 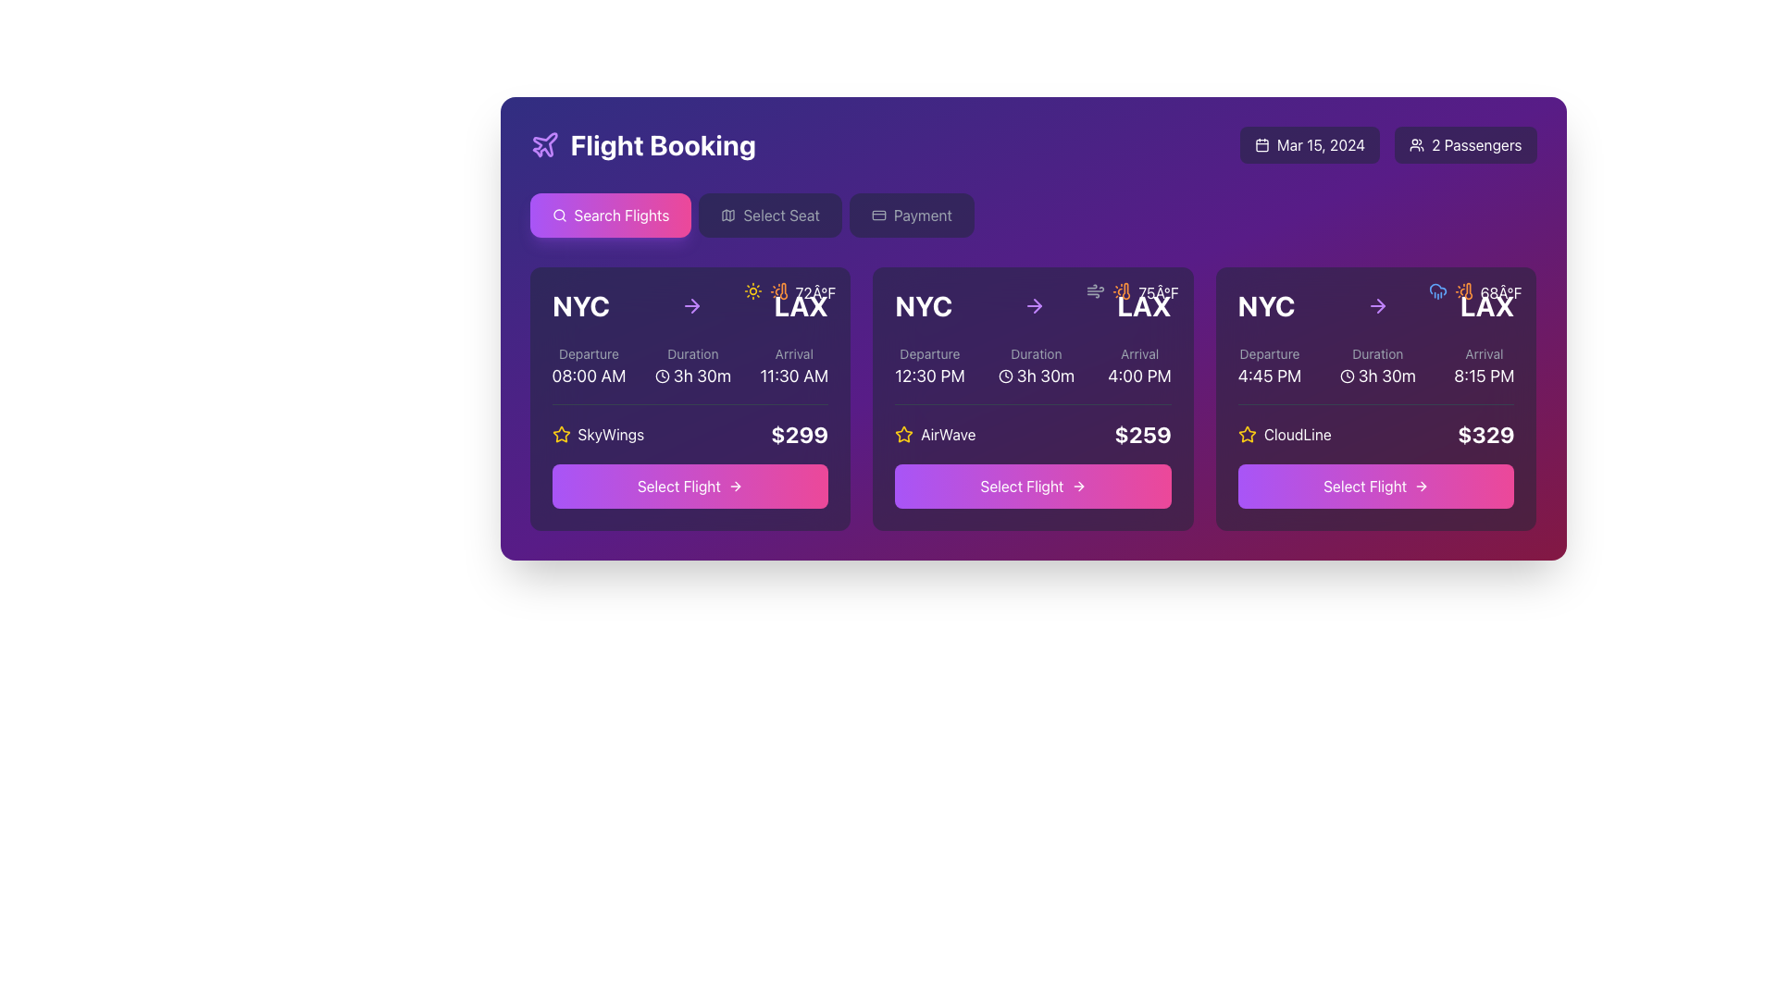 I want to click on the SVG-based circular icon representing flight duration, located within the first flight information card, to the right of the departure time field, so click(x=662, y=376).